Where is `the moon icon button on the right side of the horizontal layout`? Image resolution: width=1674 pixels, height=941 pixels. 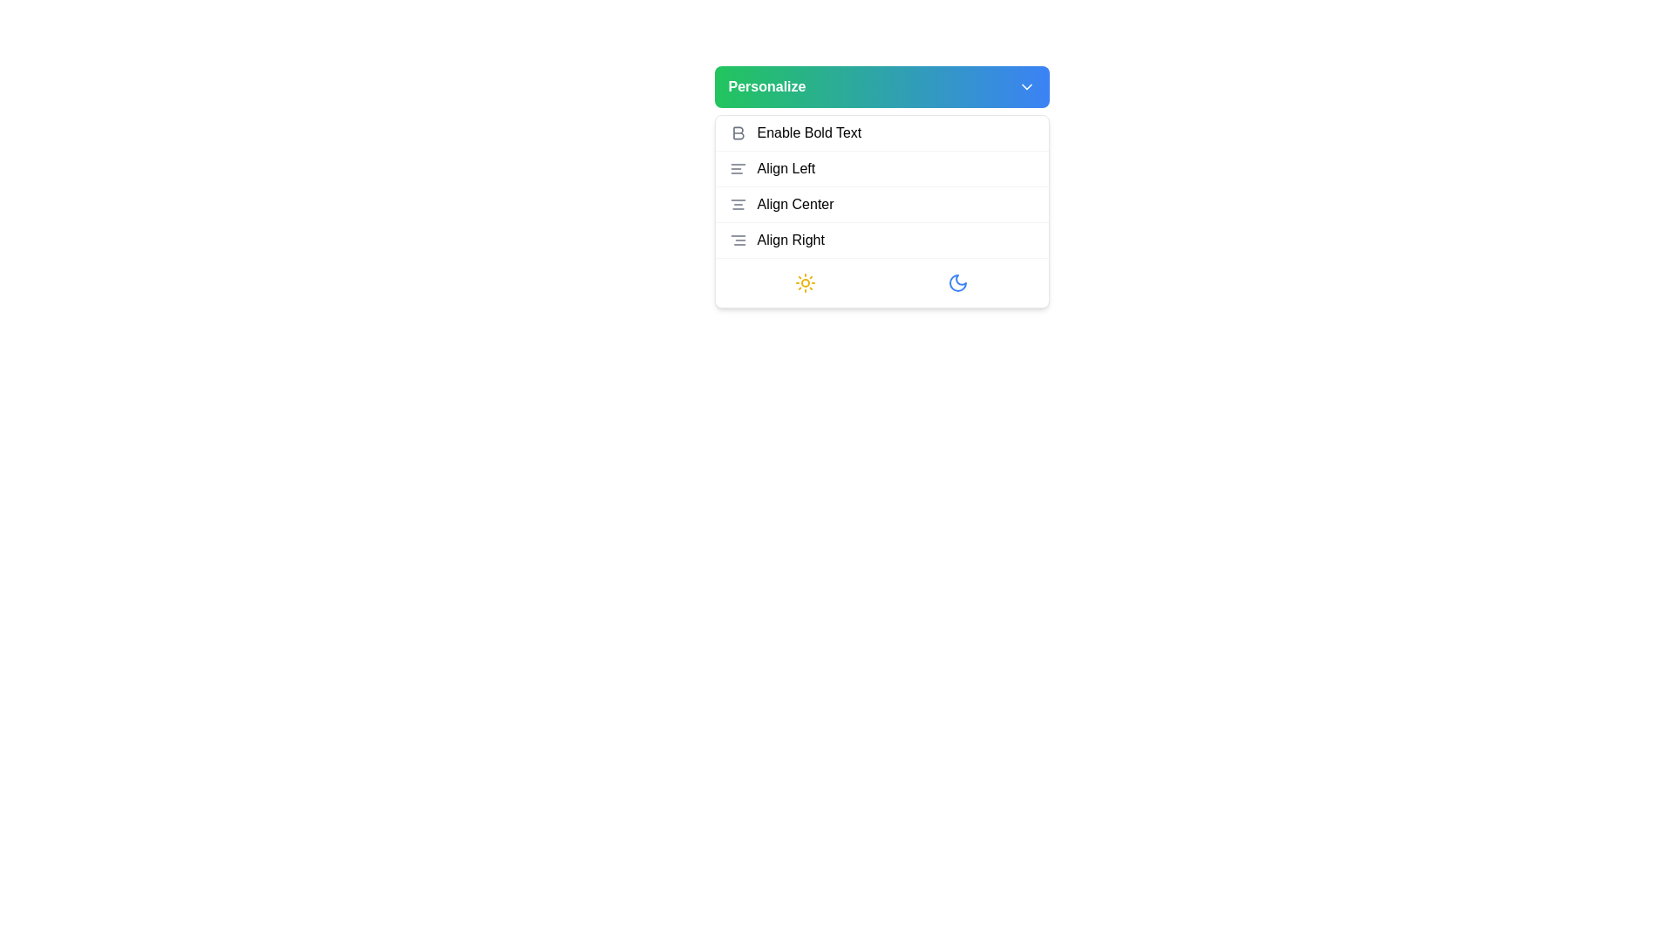
the moon icon button on the right side of the horizontal layout is located at coordinates (957, 281).